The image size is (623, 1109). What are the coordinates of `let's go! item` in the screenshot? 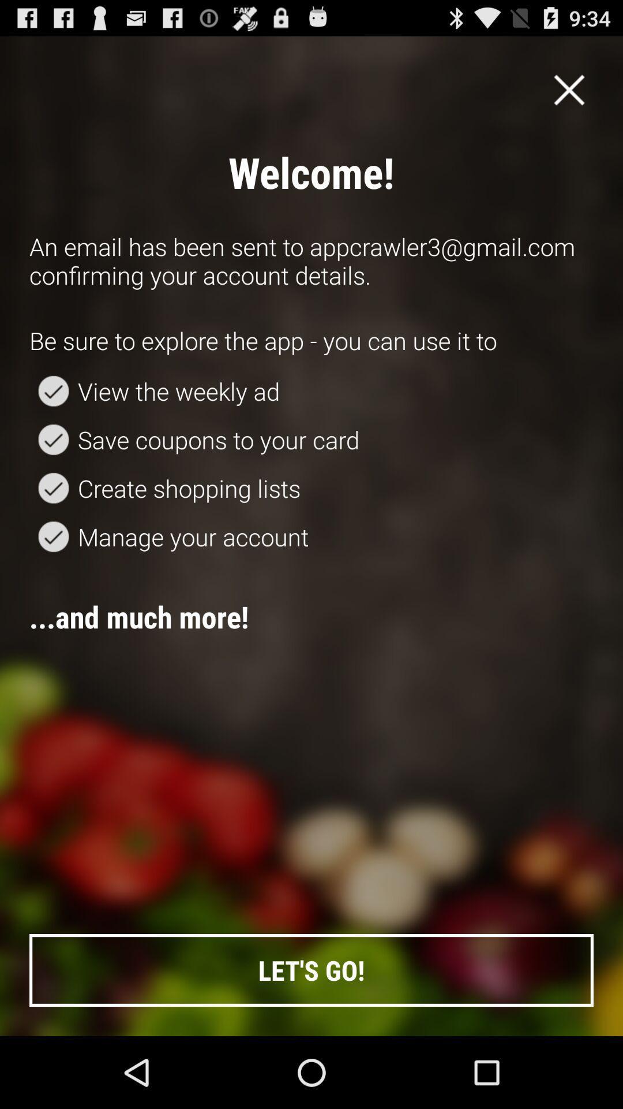 It's located at (311, 970).